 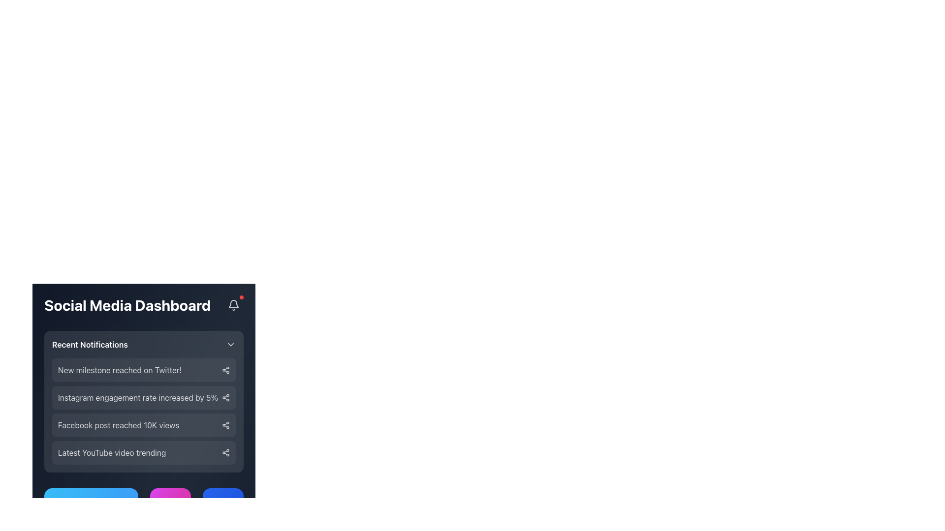 What do you see at coordinates (137, 397) in the screenshot?
I see `the text display that shows 'Instagram engagement rate increased by 5%', which is styled with white text on a dark background and is the second item in the notification list` at bounding box center [137, 397].